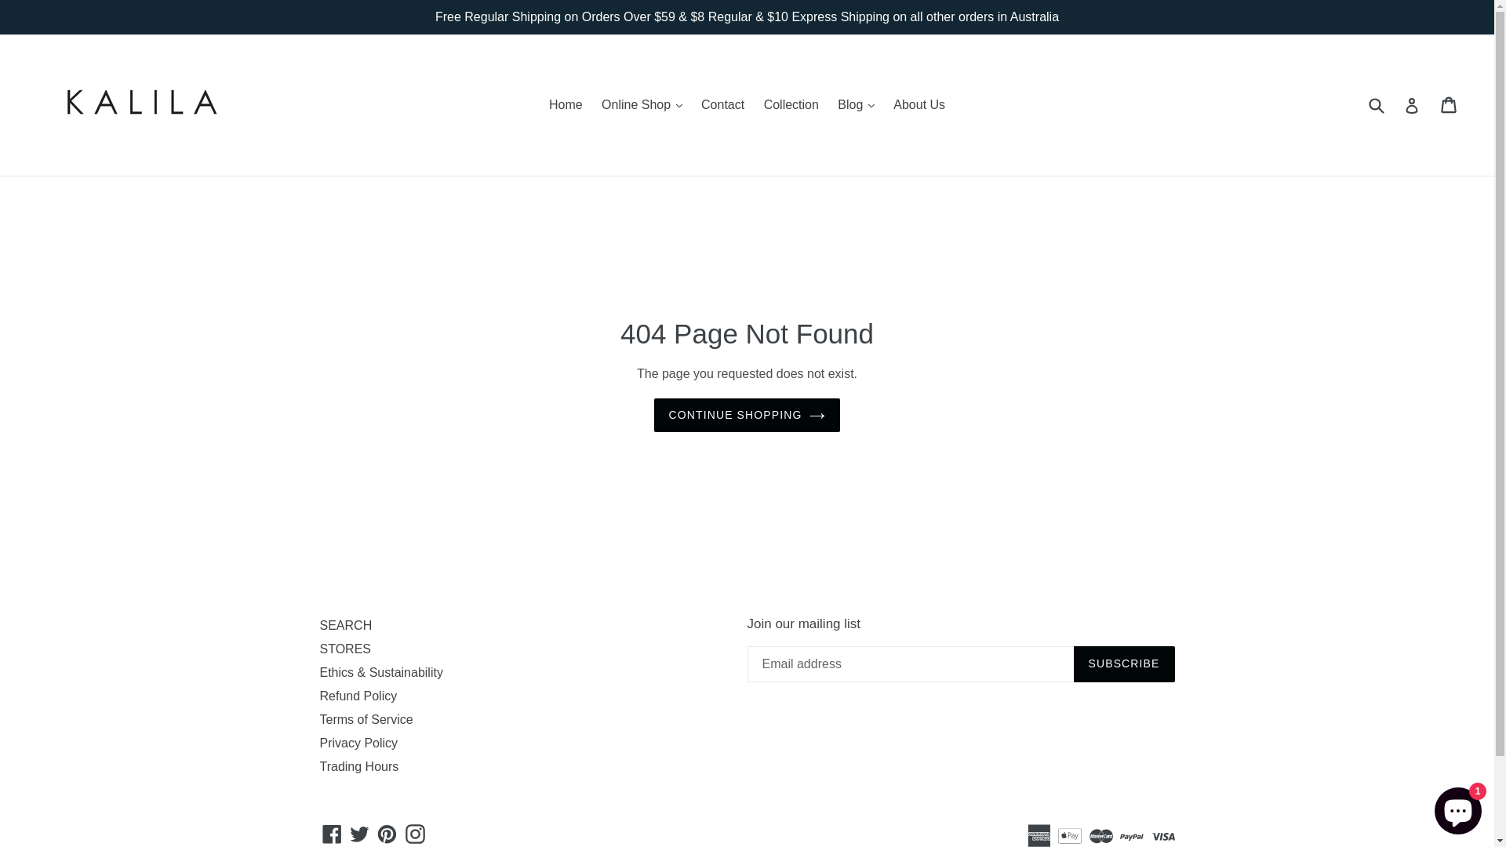 This screenshot has width=1506, height=847. What do you see at coordinates (381, 671) in the screenshot?
I see `'Ethics & Sustainability'` at bounding box center [381, 671].